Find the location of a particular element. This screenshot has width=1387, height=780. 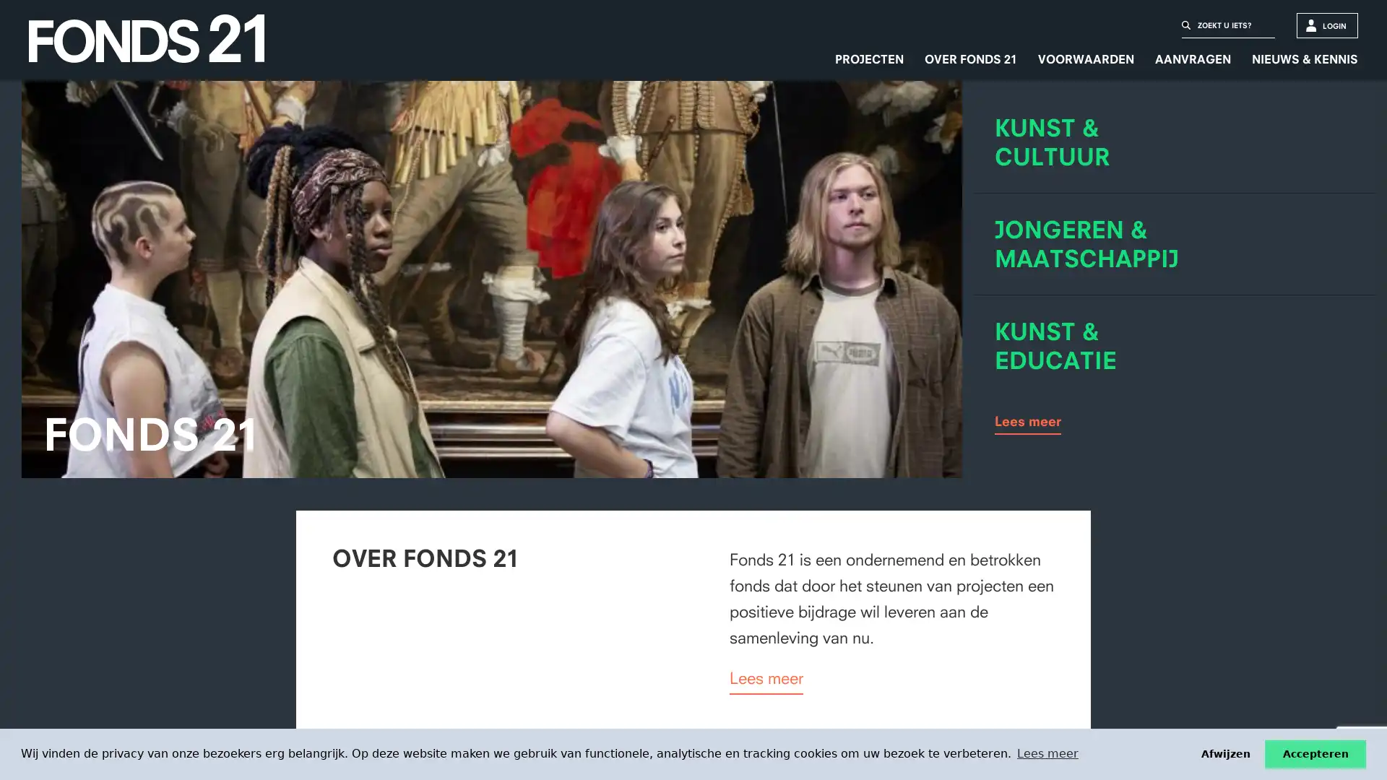

Ik weiger de cookies is located at coordinates (1224, 753).